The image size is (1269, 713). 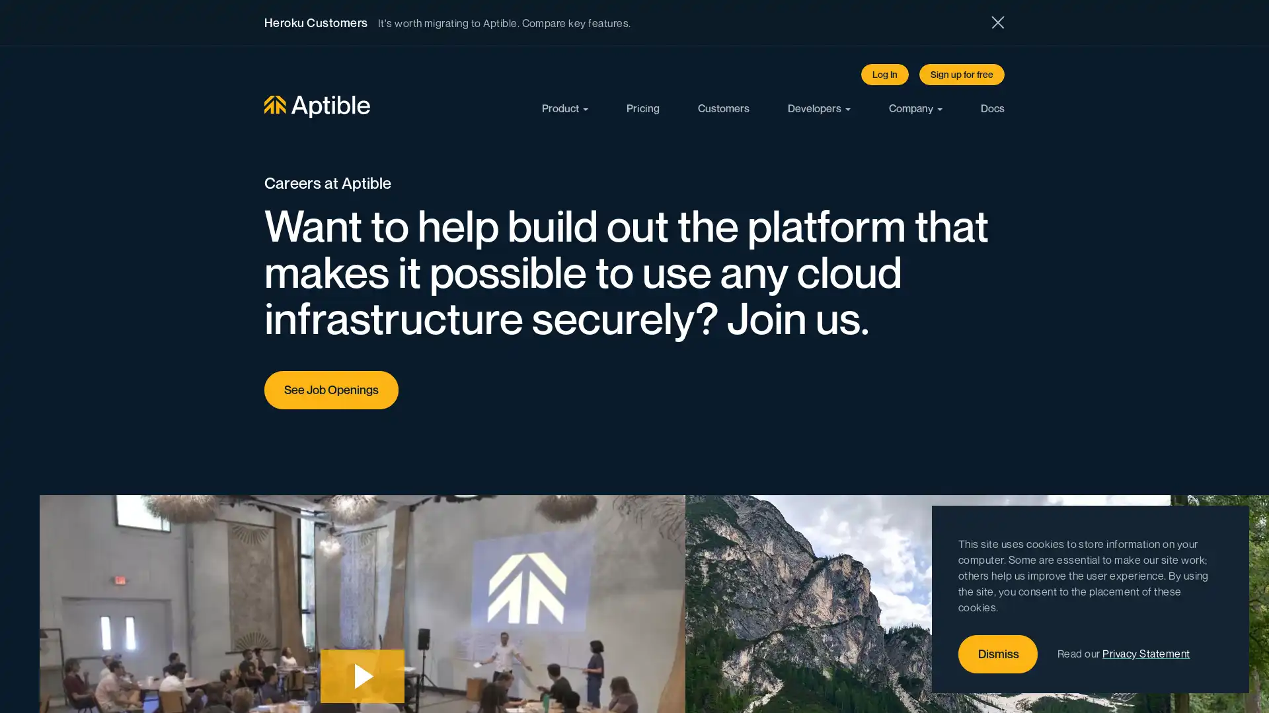 What do you see at coordinates (962, 74) in the screenshot?
I see `Sign up for free` at bounding box center [962, 74].